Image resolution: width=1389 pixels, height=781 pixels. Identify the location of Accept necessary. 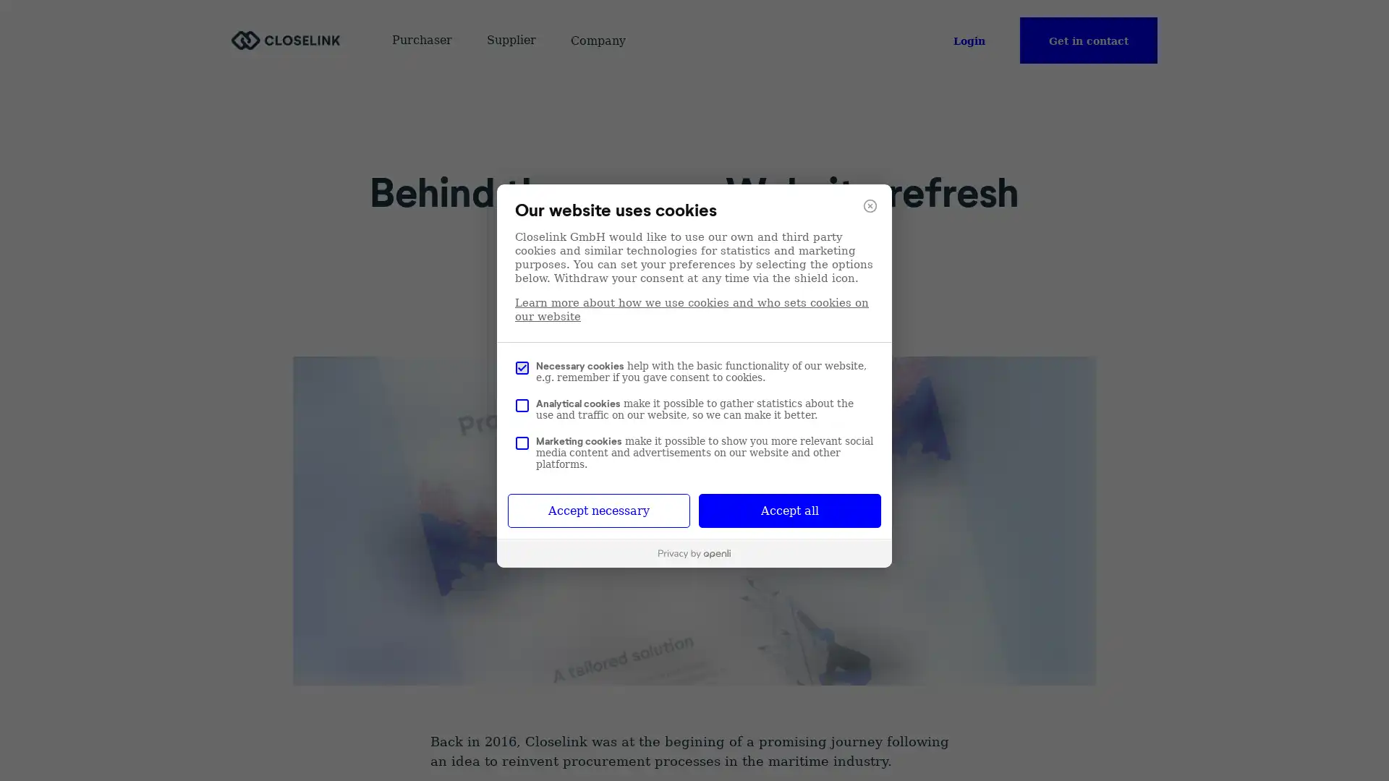
(599, 504).